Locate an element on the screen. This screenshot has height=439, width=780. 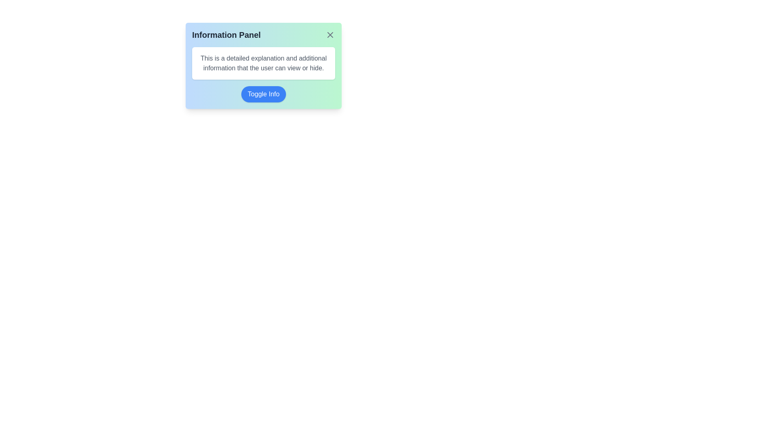
the Close button icon located in the top-right corner of the 'Information Panel' modal is located at coordinates (330, 34).